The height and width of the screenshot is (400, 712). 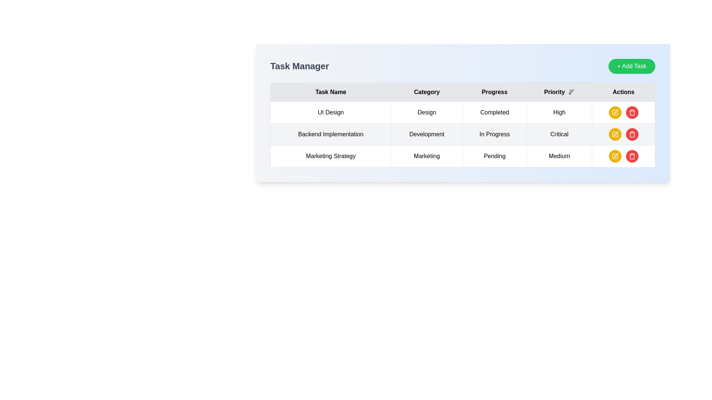 What do you see at coordinates (495, 92) in the screenshot?
I see `the text label displaying 'Progress', which is styled with centered alignment and bordered in a rectangular layout, positioned between the 'Category' and 'Priority' headers in the top row of a table` at bounding box center [495, 92].